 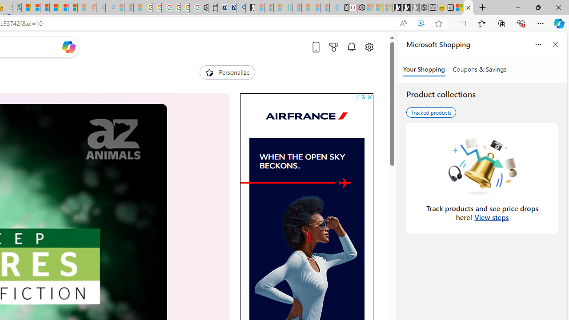 What do you see at coordinates (231, 8) in the screenshot?
I see `'Cheap Car Rentals - Save70.com'` at bounding box center [231, 8].